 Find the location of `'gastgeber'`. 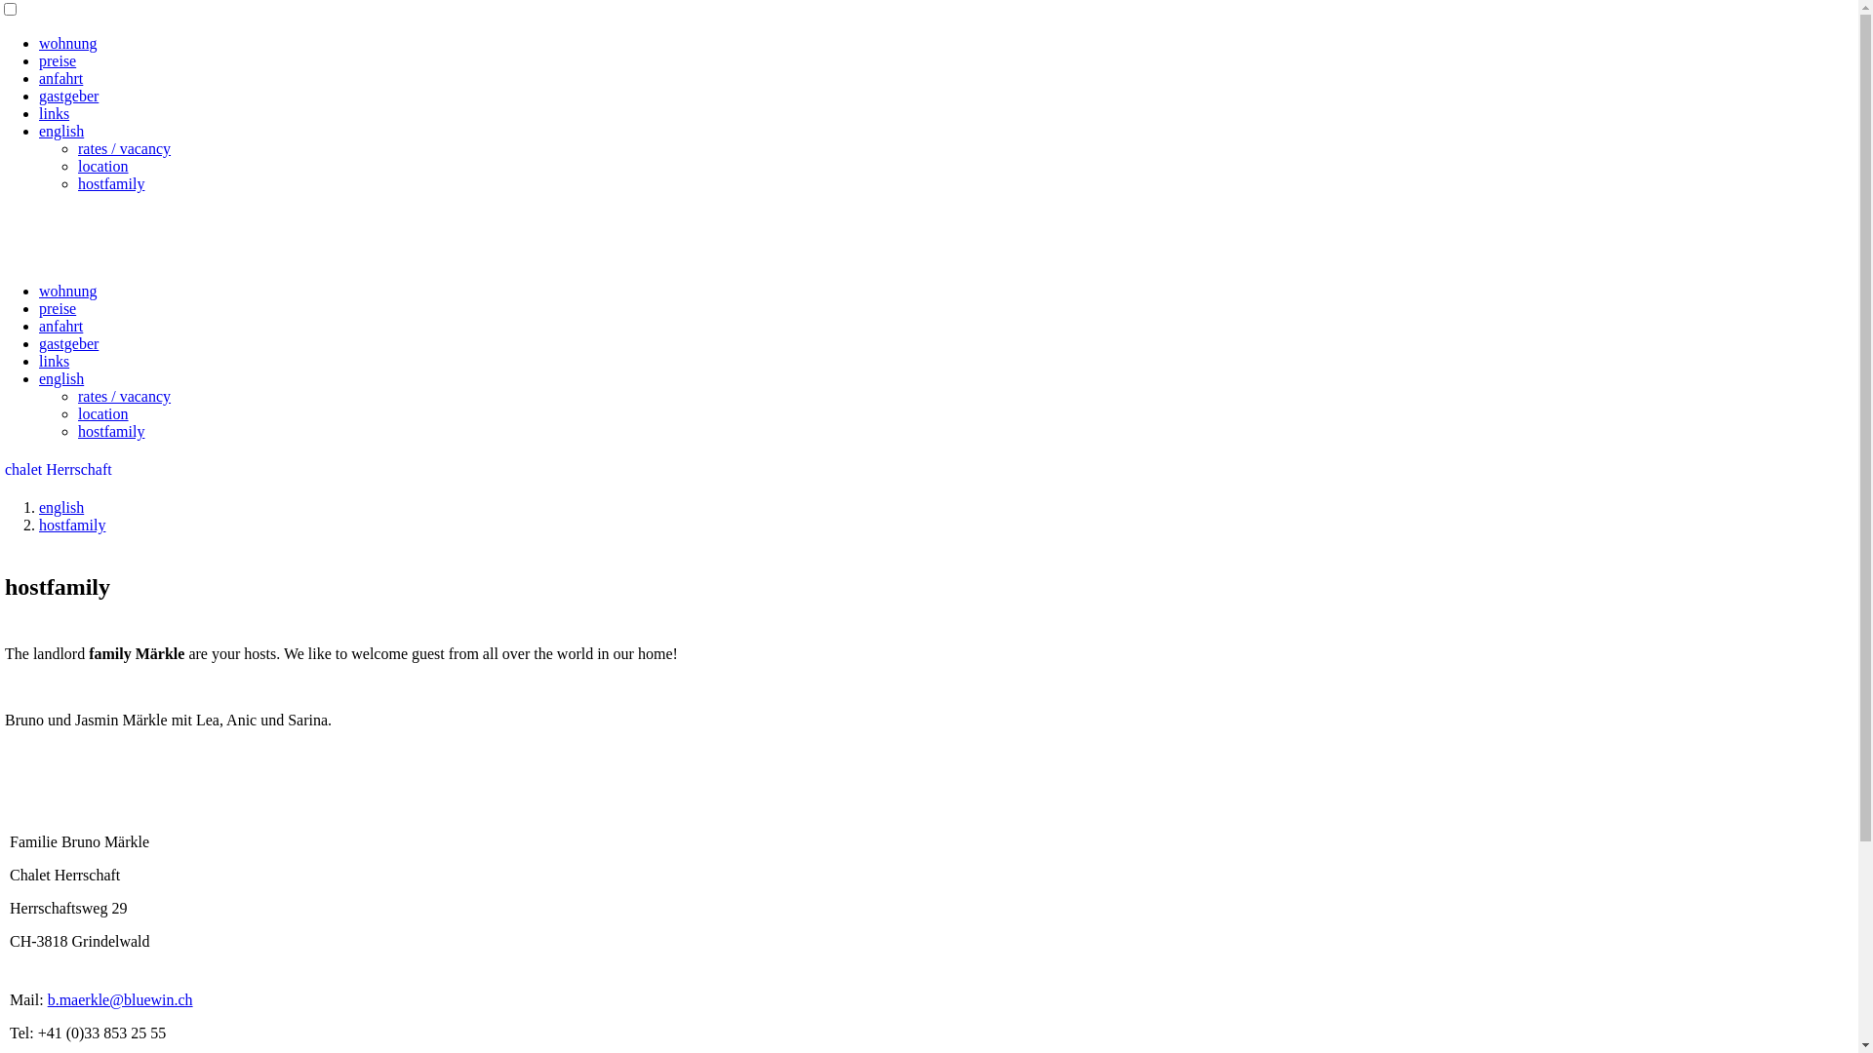

'gastgeber' is located at coordinates (68, 342).